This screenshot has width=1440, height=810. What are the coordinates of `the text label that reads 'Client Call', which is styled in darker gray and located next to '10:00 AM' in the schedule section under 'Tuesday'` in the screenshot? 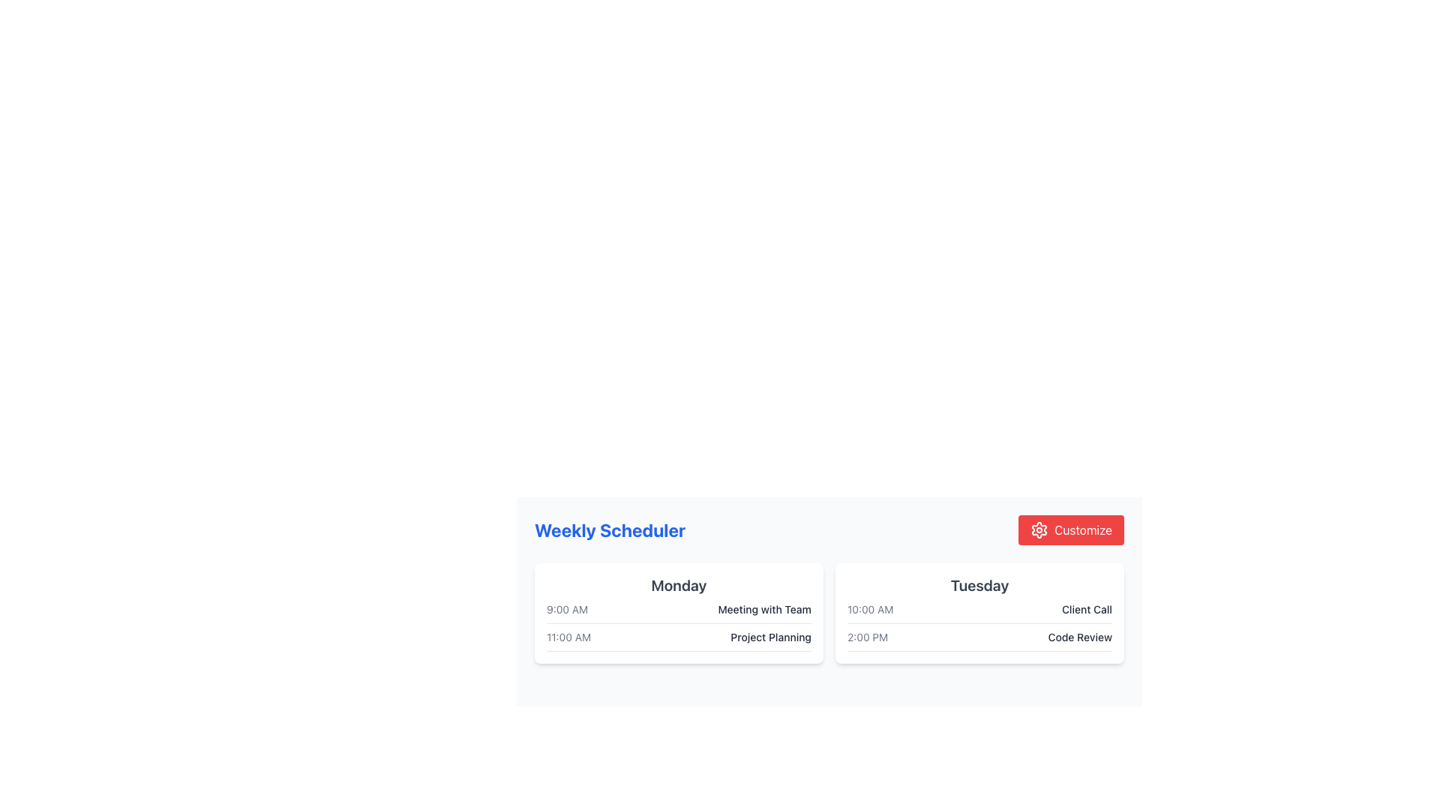 It's located at (1087, 610).